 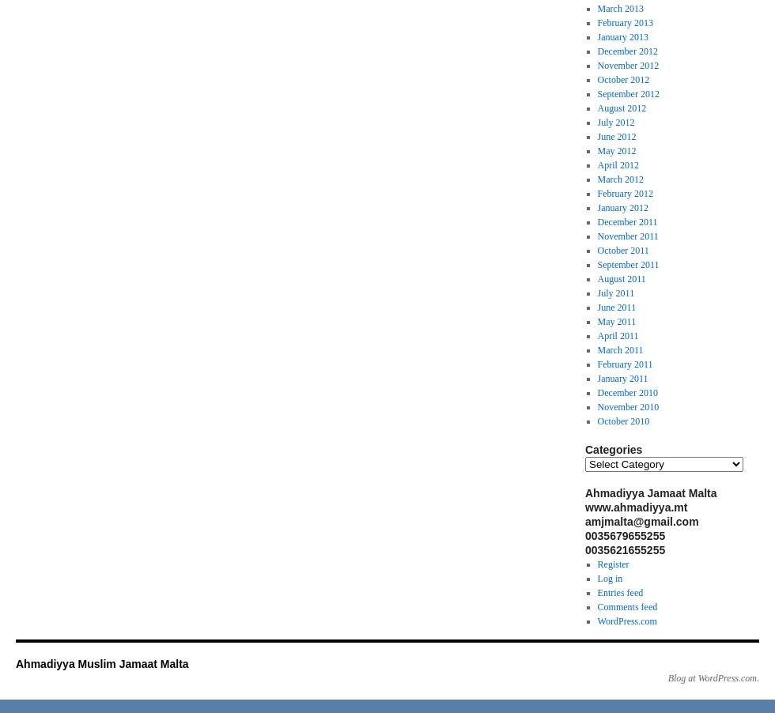 I want to click on 'August 2012', so click(x=621, y=108).